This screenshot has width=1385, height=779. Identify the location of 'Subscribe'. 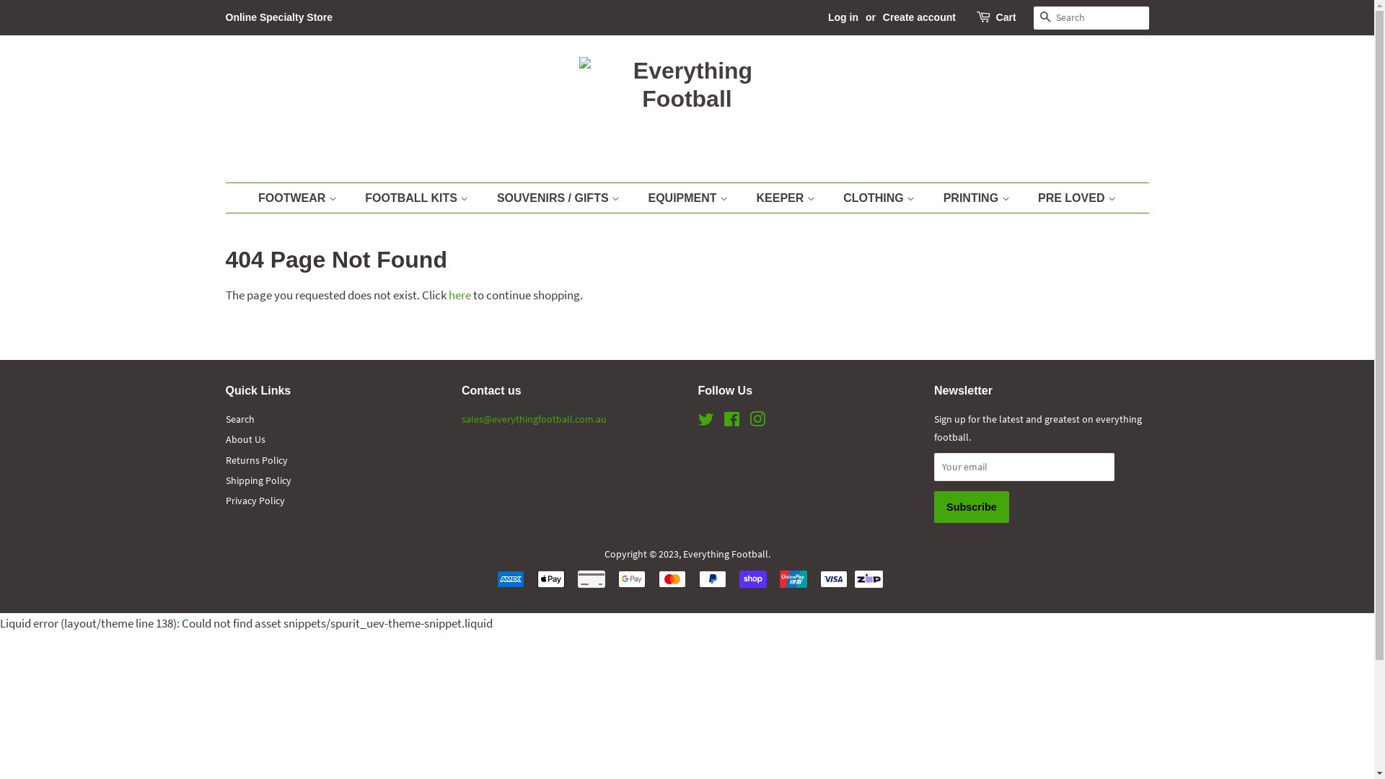
(934, 506).